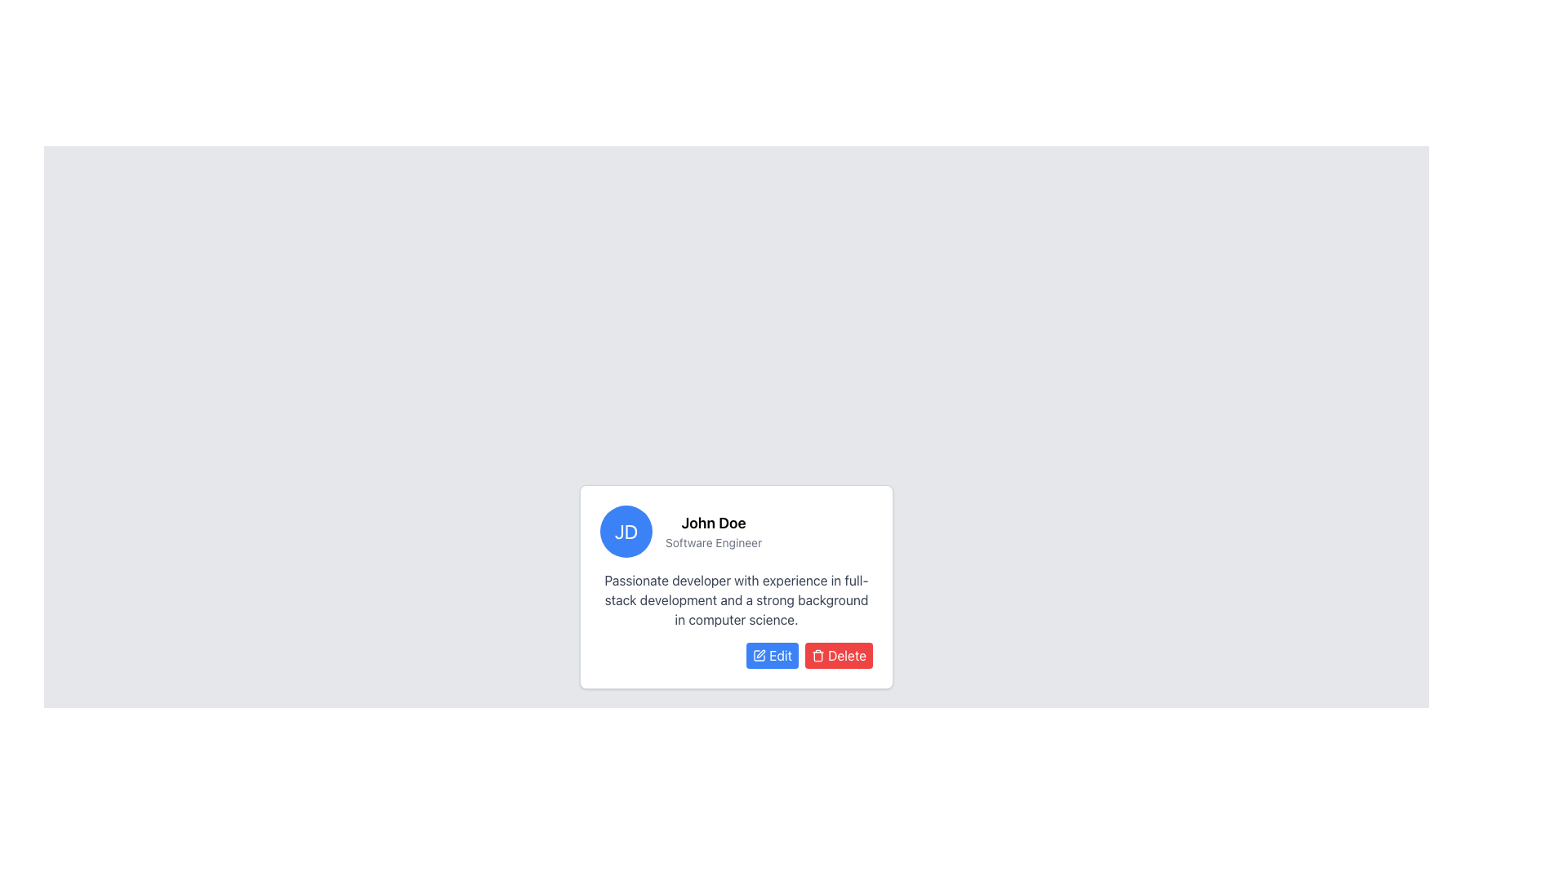  I want to click on the edit icon located within the 'Edit' button, positioned to the left of the button text, so click(759, 654).